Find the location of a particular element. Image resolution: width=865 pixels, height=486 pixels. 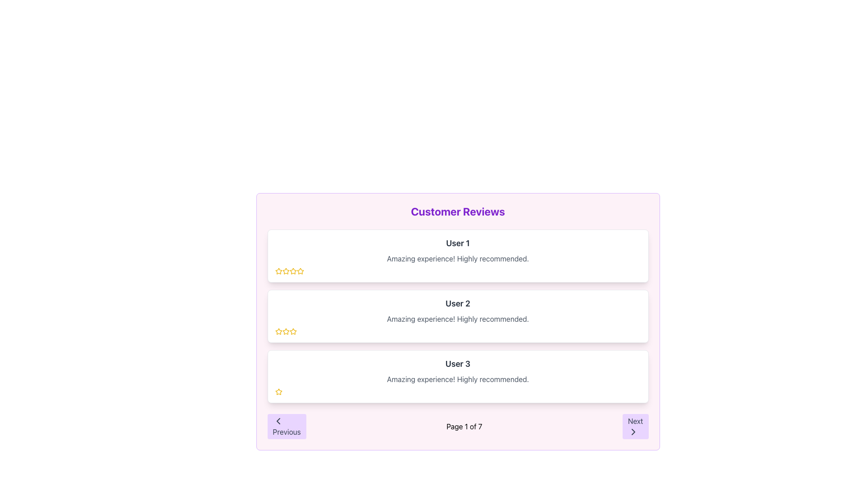

the first star icon in the rating bar for 'User 1', which is a star-shaped icon with a golden-yellow outline is located at coordinates (300, 270).